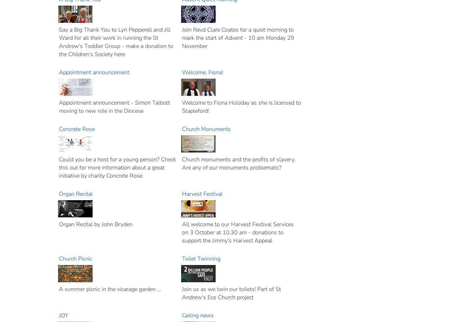 The height and width of the screenshot is (322, 452). I want to click on 'Appointment announcement', so click(94, 72).